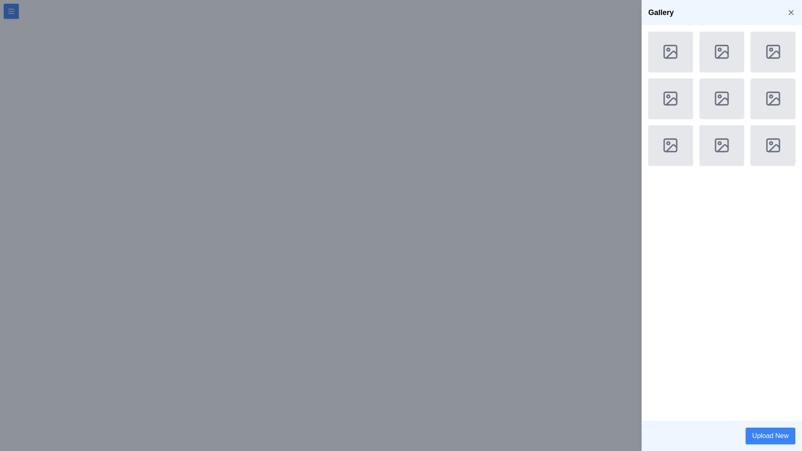 This screenshot has width=802, height=451. What do you see at coordinates (671, 147) in the screenshot?
I see `the image gallery icon located in the lower-right corner of the 3x3 grid within the Gallery pane` at bounding box center [671, 147].